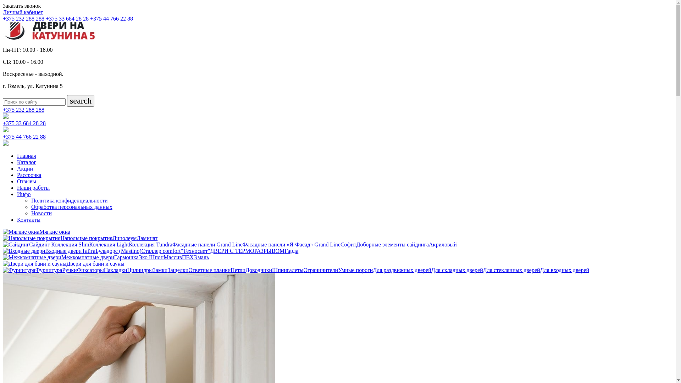 Image resolution: width=681 pixels, height=383 pixels. Describe the element at coordinates (111, 18) in the screenshot. I see `'+375 44 766 22 88'` at that location.